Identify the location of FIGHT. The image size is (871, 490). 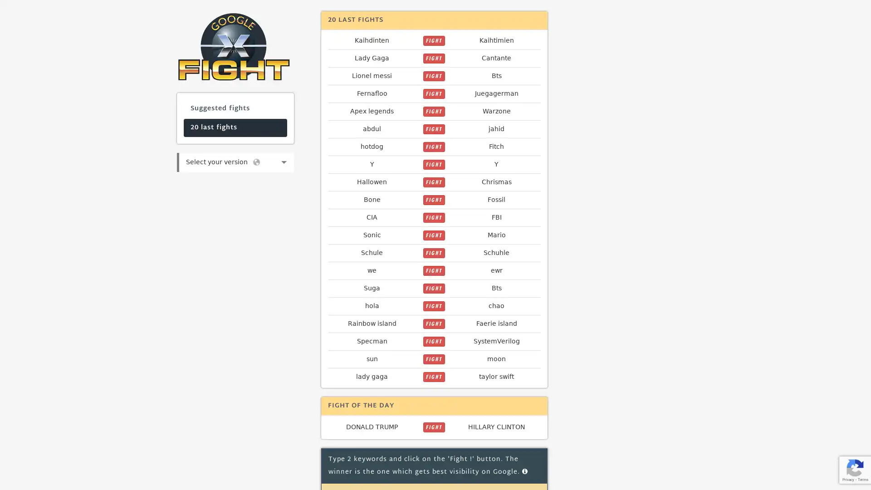
(433, 270).